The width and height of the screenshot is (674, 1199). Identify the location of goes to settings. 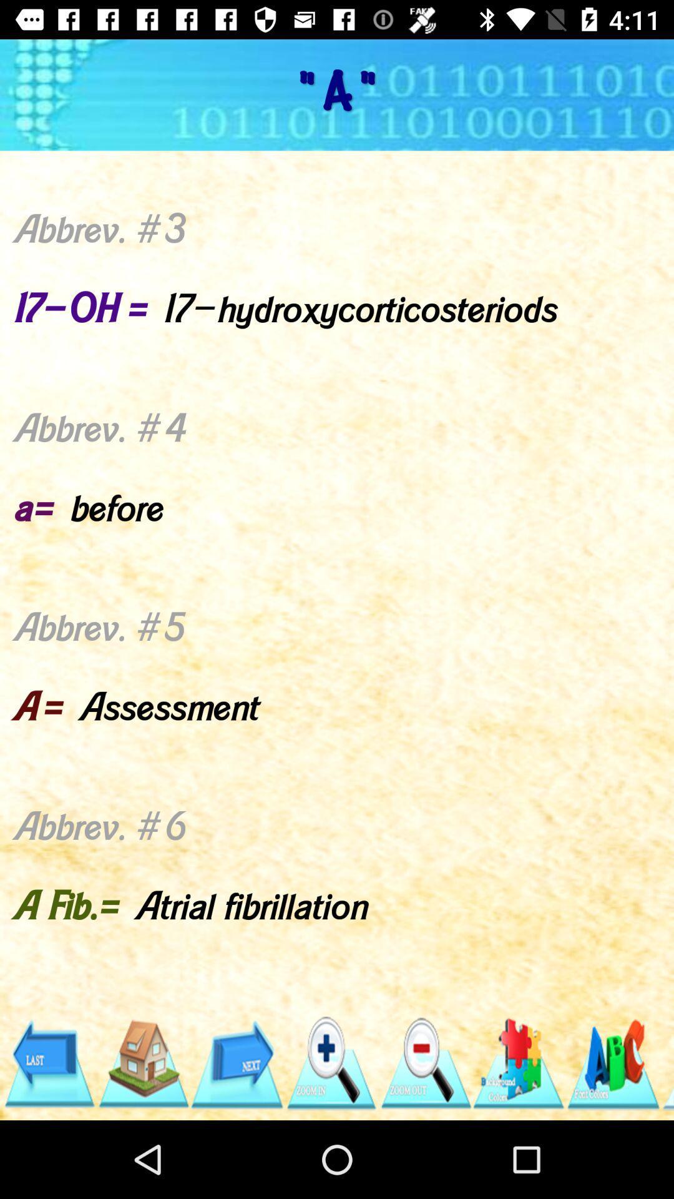
(519, 1063).